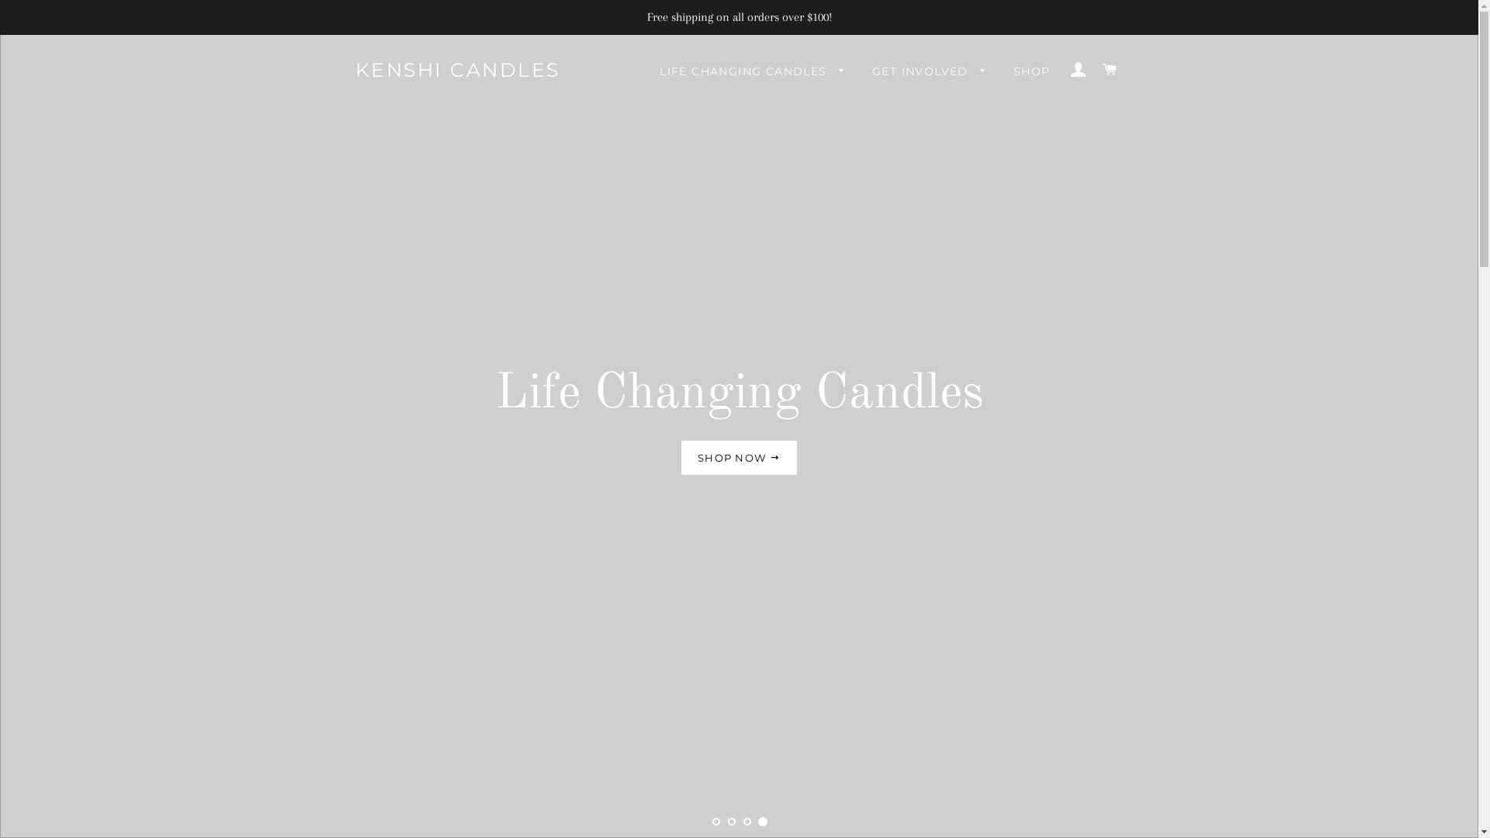 This screenshot has height=838, width=1490. I want to click on 'LOG IN', so click(1064, 68).